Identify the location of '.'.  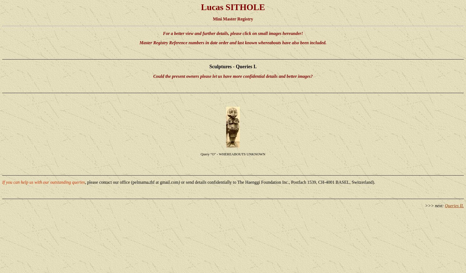
(148, 182).